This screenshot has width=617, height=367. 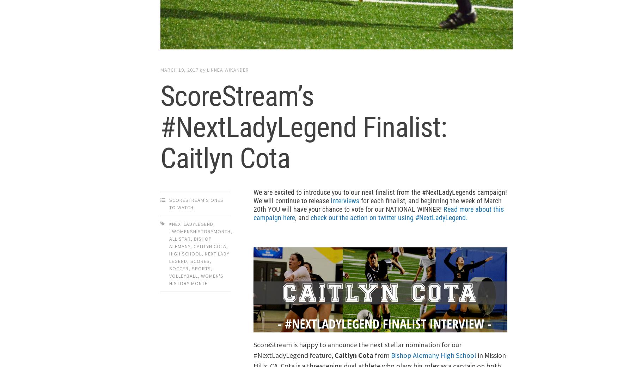 What do you see at coordinates (227, 70) in the screenshot?
I see `'Linnea Wikander'` at bounding box center [227, 70].